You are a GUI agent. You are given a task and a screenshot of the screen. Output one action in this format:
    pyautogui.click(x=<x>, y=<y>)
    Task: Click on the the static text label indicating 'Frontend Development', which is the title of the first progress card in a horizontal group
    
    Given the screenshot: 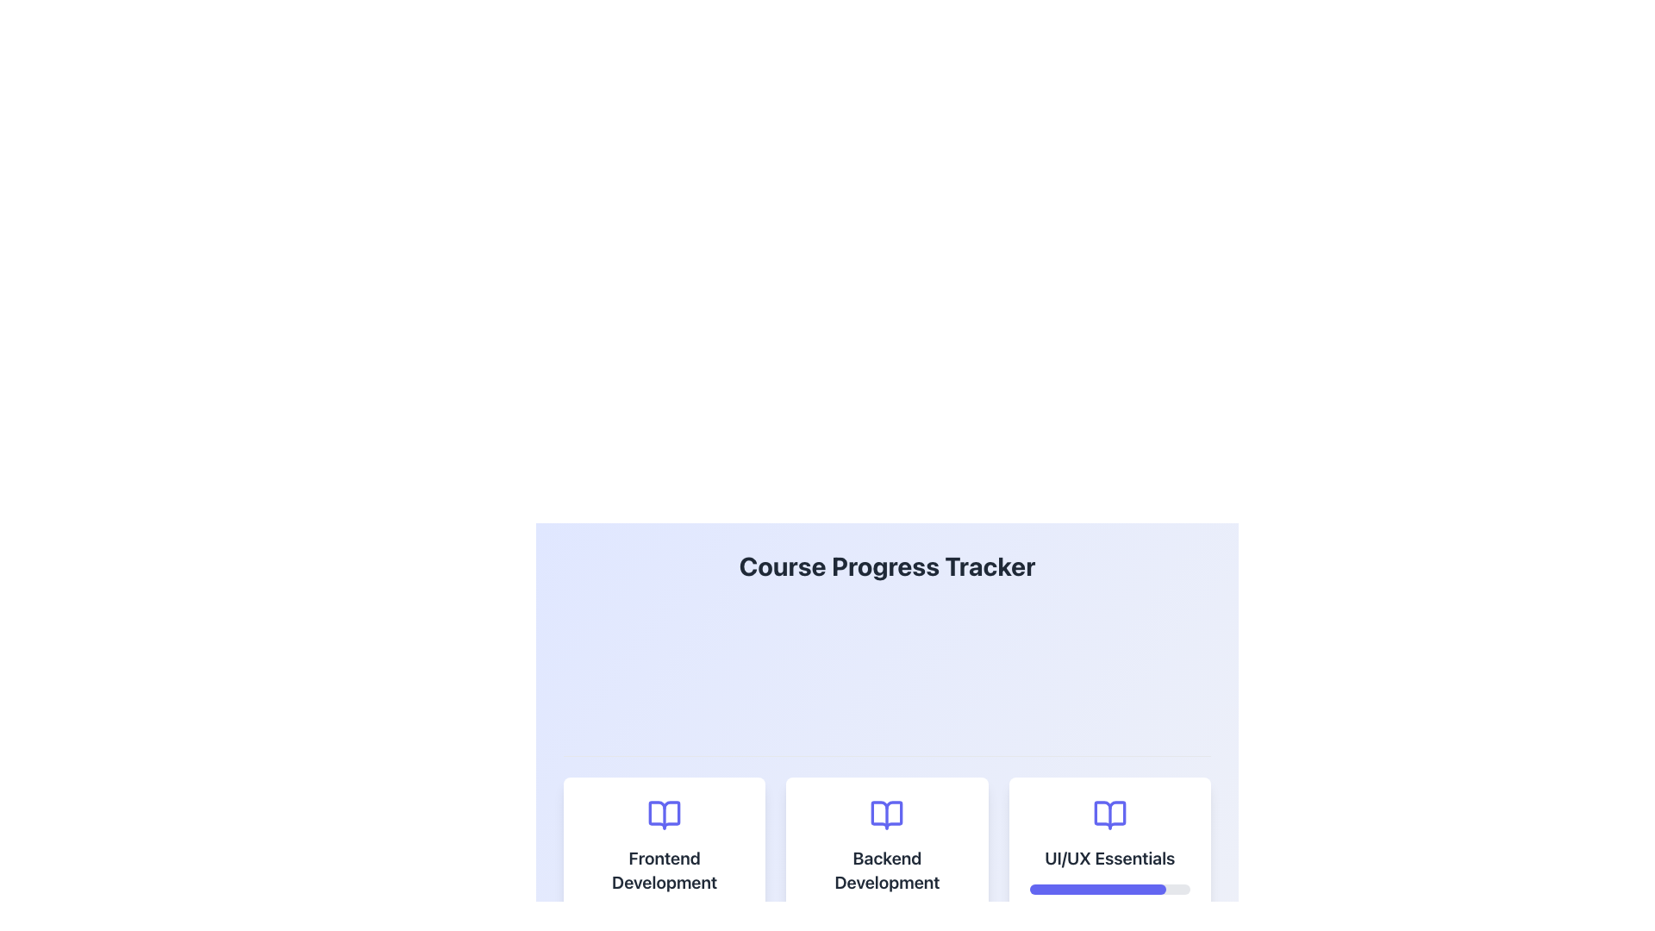 What is the action you would take?
    pyautogui.click(x=664, y=871)
    